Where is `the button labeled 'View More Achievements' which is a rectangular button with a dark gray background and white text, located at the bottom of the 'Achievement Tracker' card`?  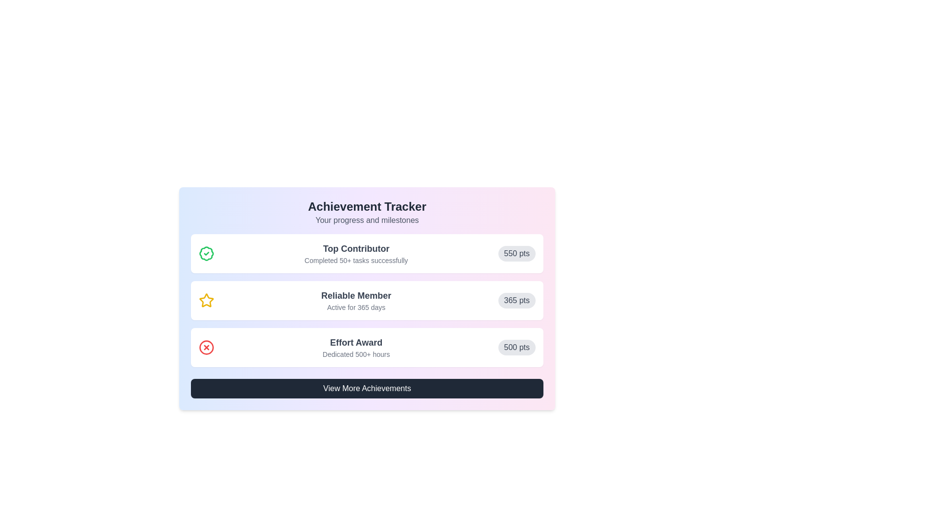
the button labeled 'View More Achievements' which is a rectangular button with a dark gray background and white text, located at the bottom of the 'Achievement Tracker' card is located at coordinates (366, 388).